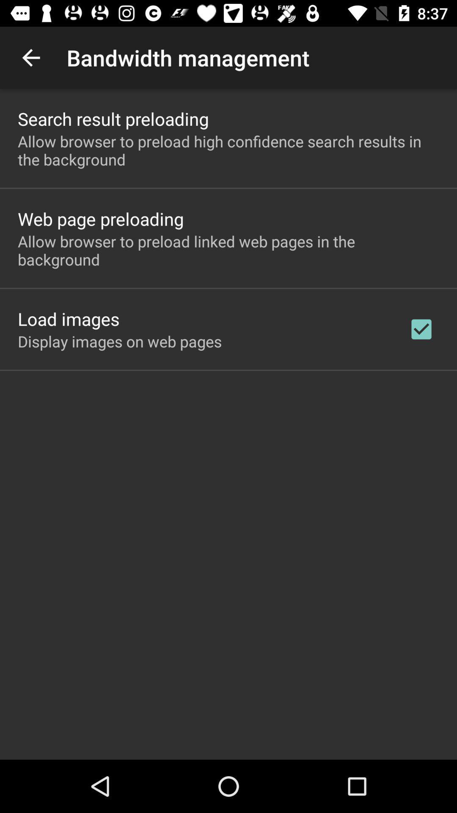  What do you see at coordinates (68, 318) in the screenshot?
I see `app above the display images on app` at bounding box center [68, 318].